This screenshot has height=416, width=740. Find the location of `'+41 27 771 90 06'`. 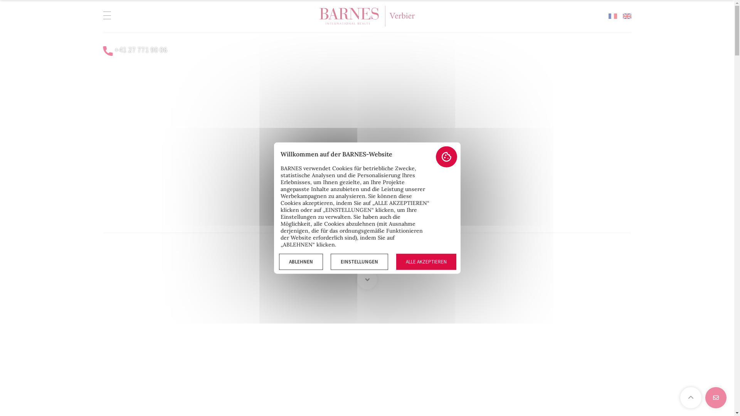

'+41 27 771 90 06' is located at coordinates (140, 49).